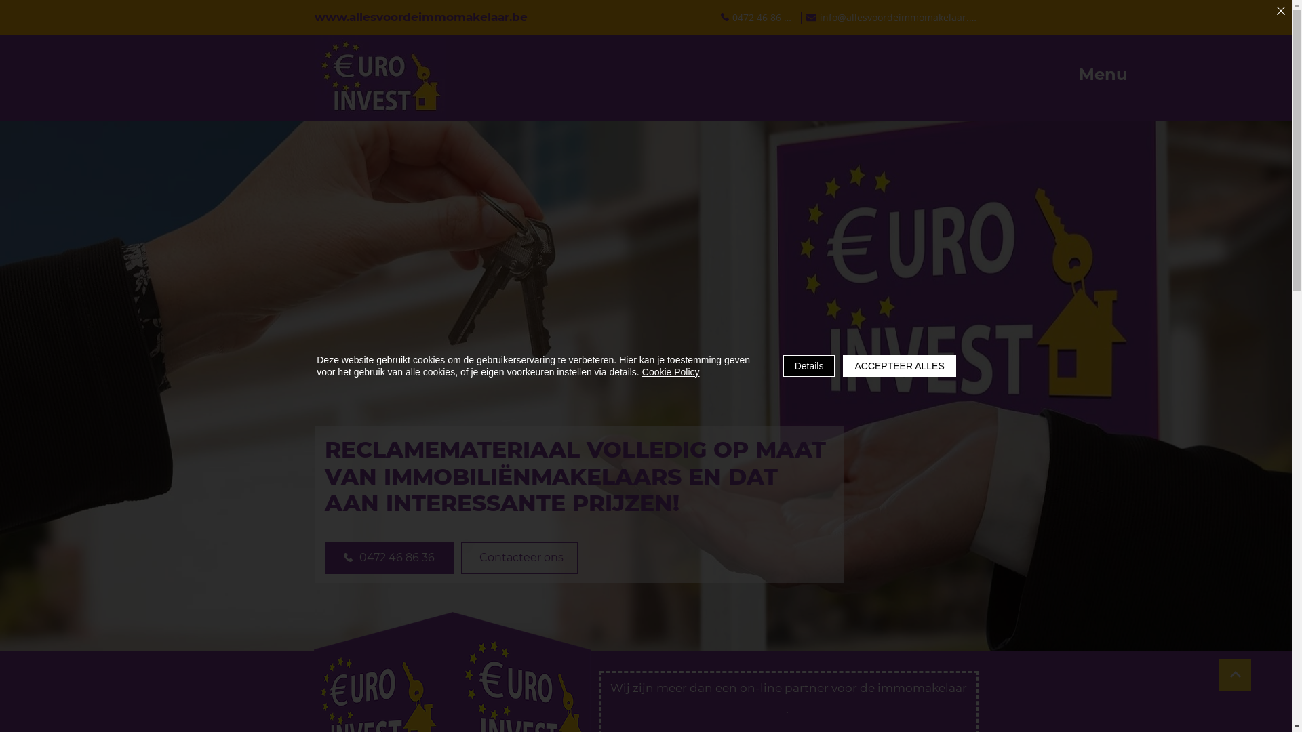  Describe the element at coordinates (809, 366) in the screenshot. I see `'Details'` at that location.